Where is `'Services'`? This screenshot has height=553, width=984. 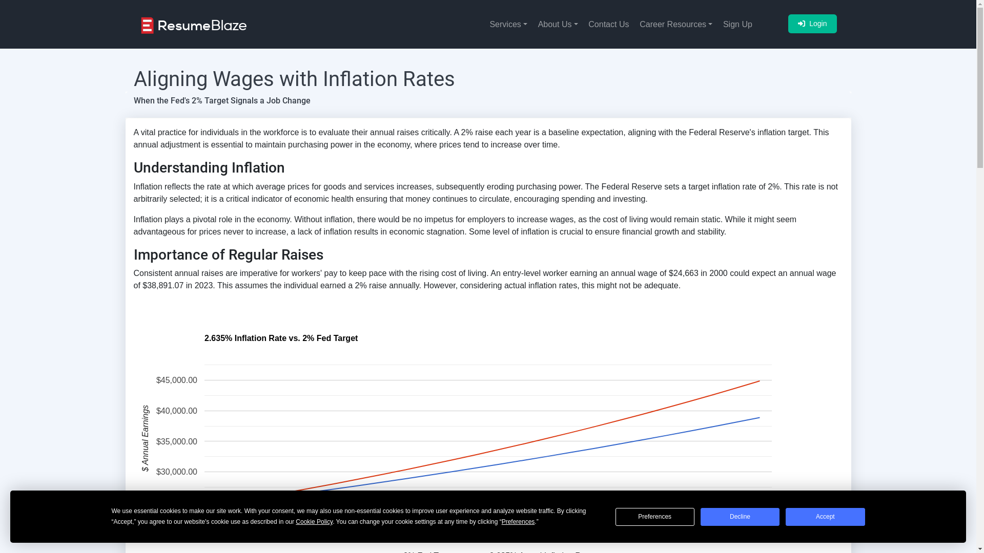 'Services' is located at coordinates (479, 24).